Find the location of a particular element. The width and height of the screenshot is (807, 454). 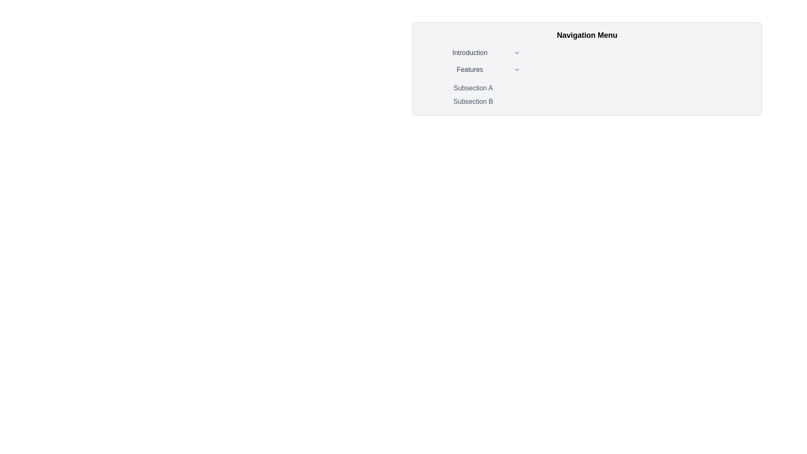

the 'Subsection A' hyperlink in the dropdown menu under 'Navigation Menu' to change its background color is located at coordinates (473, 88).